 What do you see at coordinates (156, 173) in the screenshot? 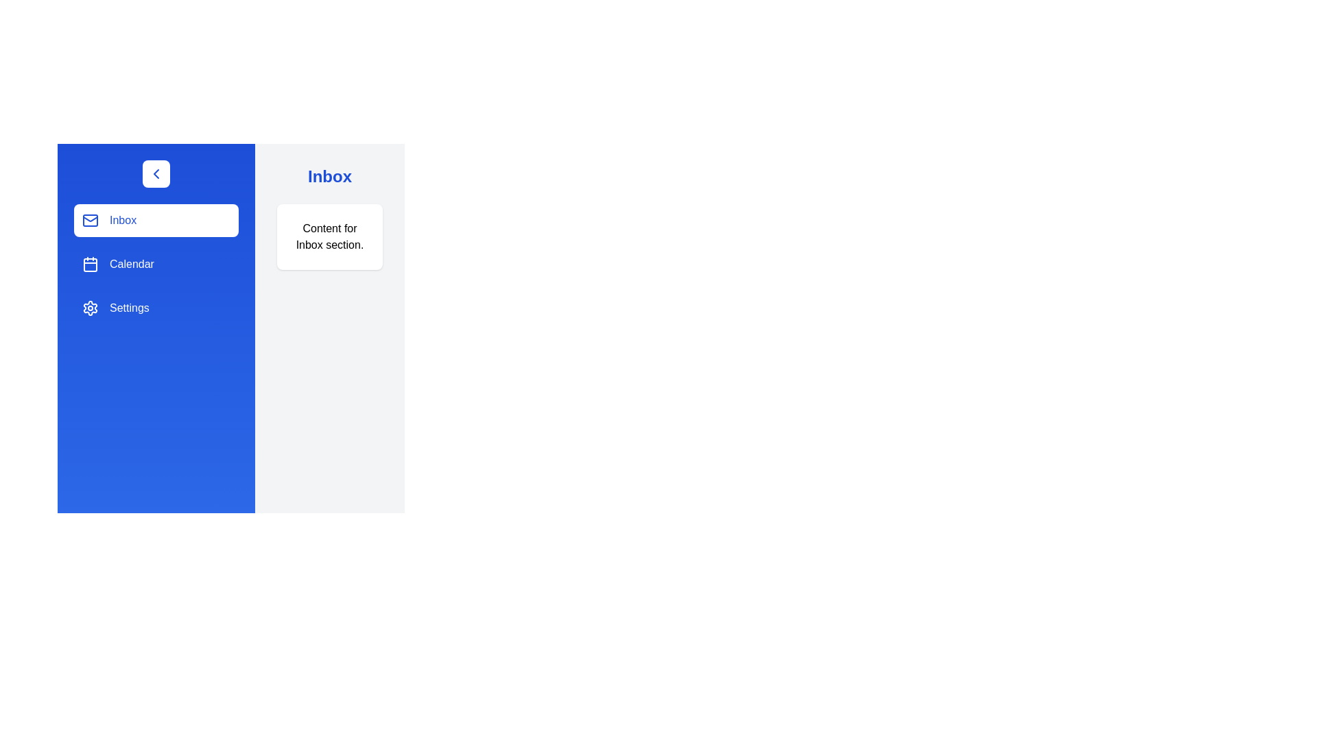
I see `the toggle button to change the drawer's state` at bounding box center [156, 173].